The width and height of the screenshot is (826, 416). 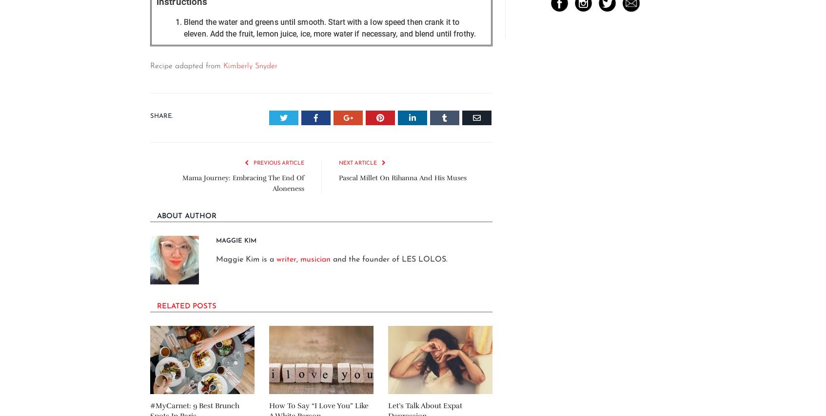 I want to click on 'Mama Journey: Embracing The End Of Aloneness', so click(x=243, y=182).